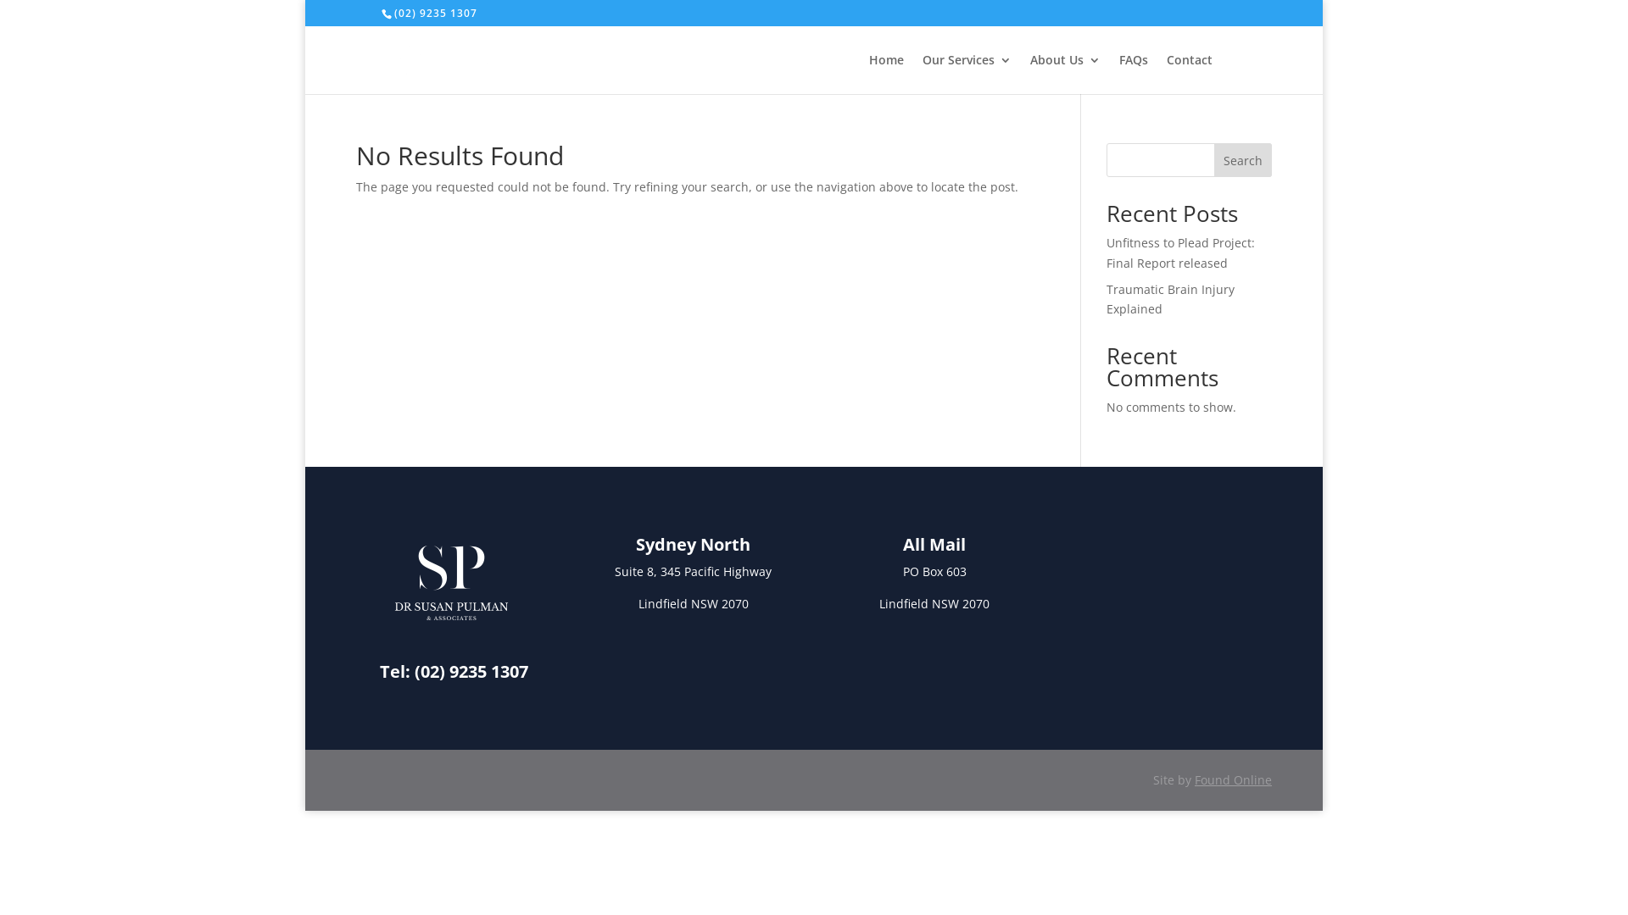 The image size is (1628, 915). Describe the element at coordinates (1188, 73) in the screenshot. I see `'Contact'` at that location.